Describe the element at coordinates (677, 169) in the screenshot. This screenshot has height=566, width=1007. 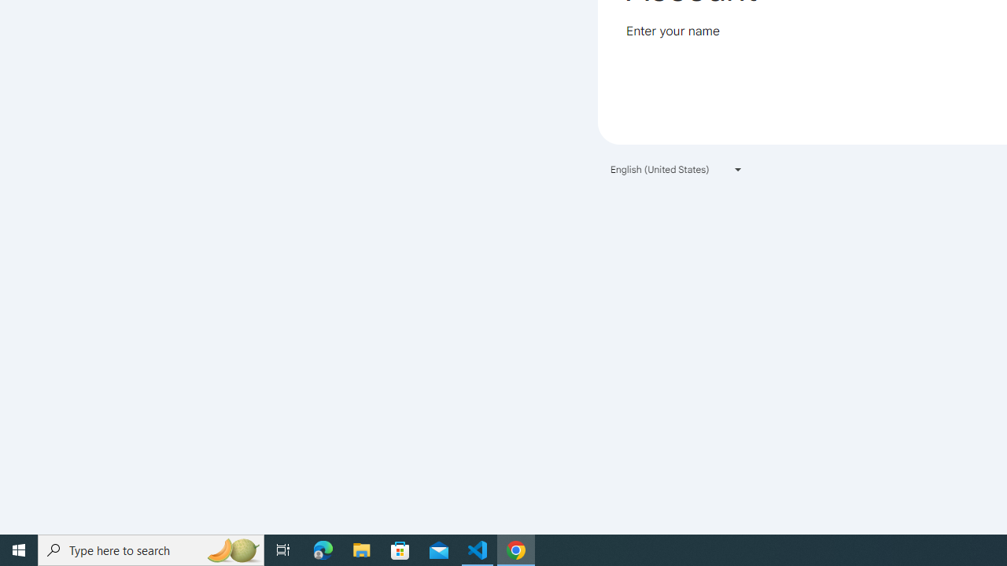
I see `'English (United States)'` at that location.